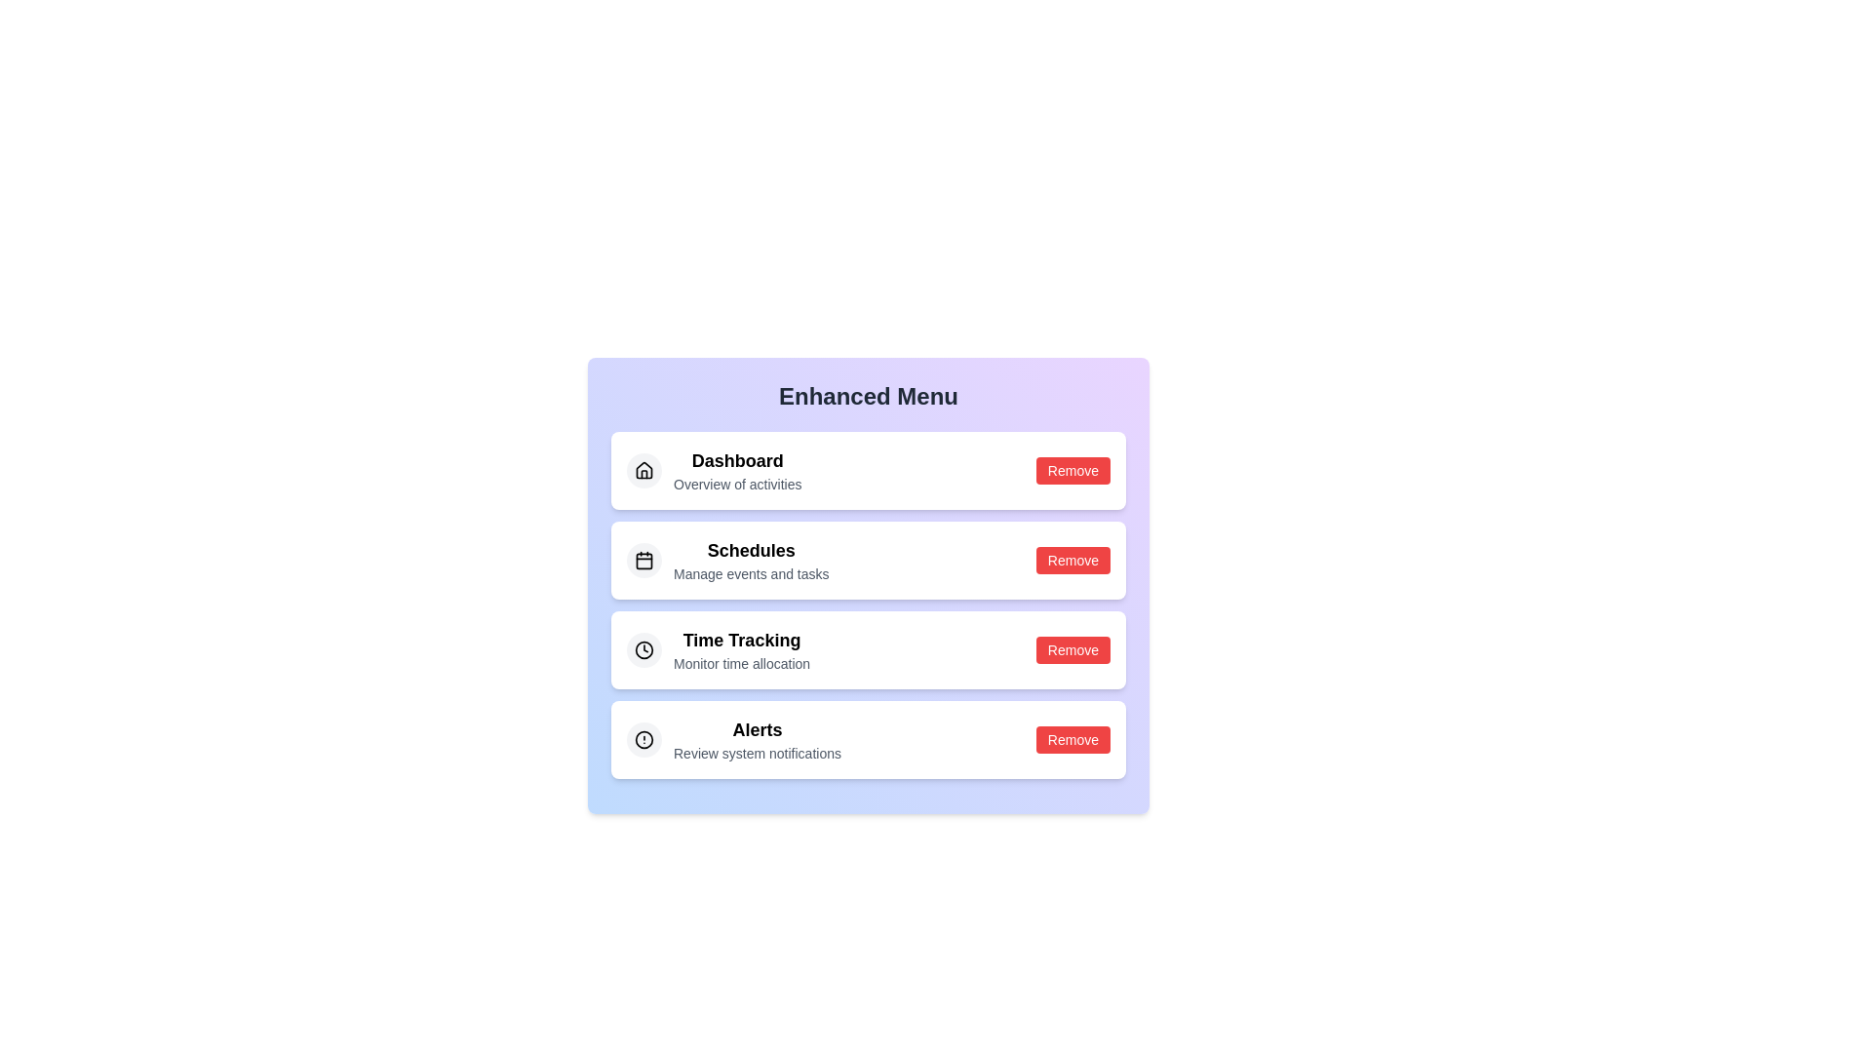 This screenshot has width=1872, height=1053. What do you see at coordinates (868, 396) in the screenshot?
I see `the title text 'Enhanced Menu'` at bounding box center [868, 396].